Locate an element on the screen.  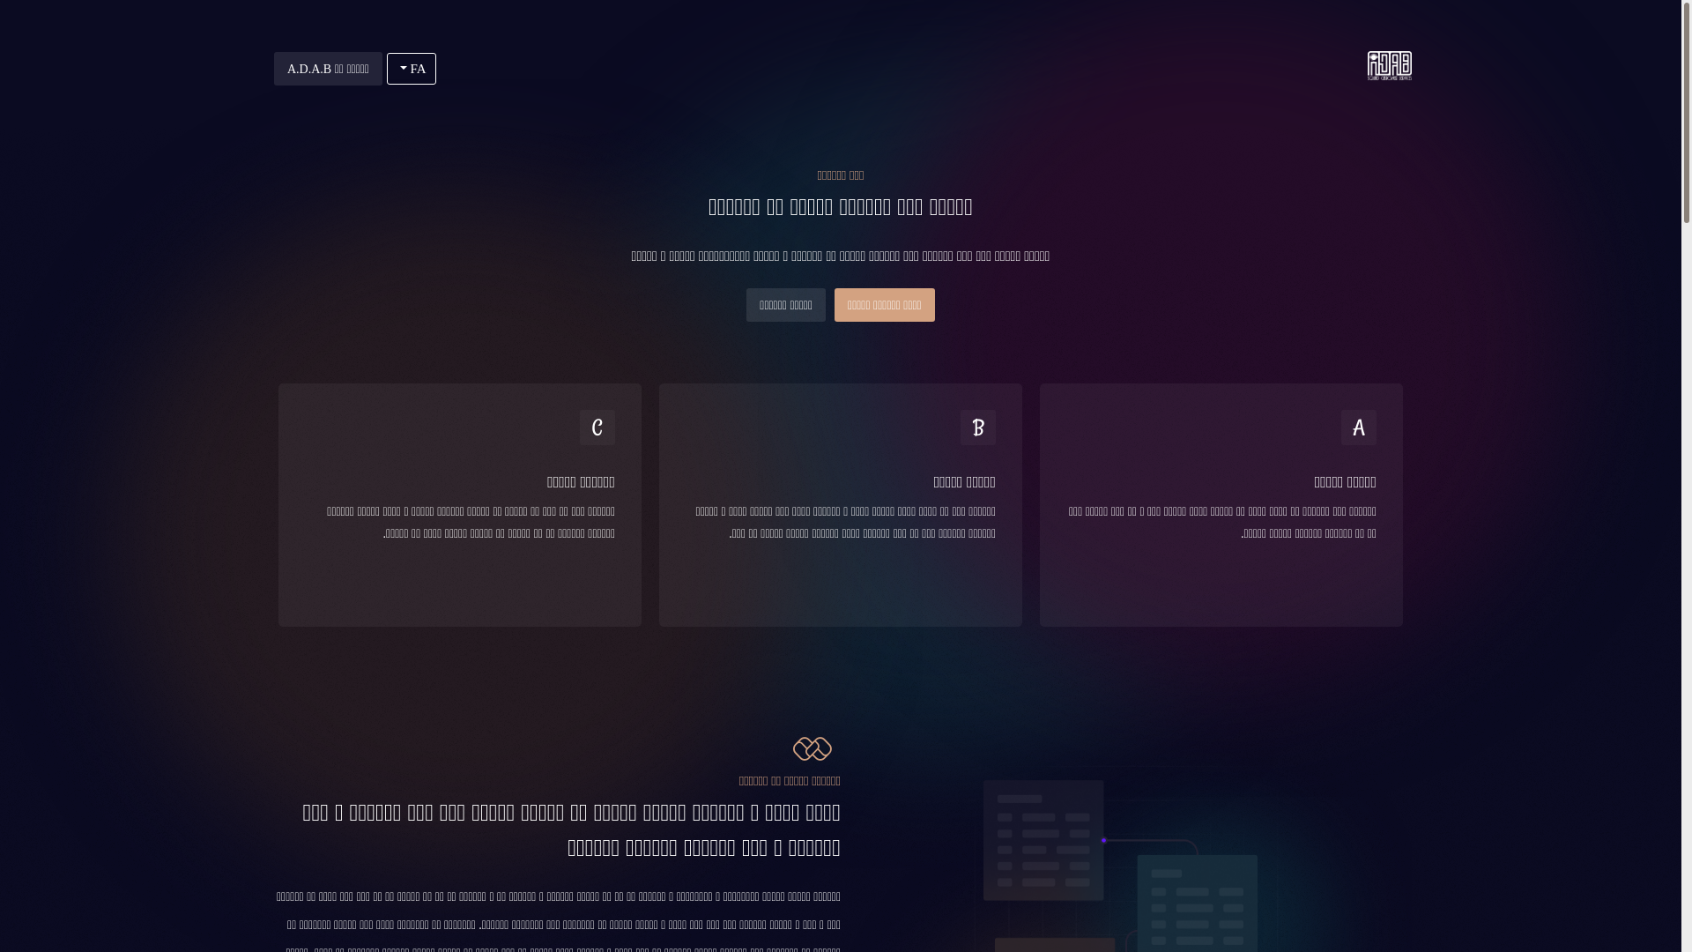
'FA' is located at coordinates (410, 67).